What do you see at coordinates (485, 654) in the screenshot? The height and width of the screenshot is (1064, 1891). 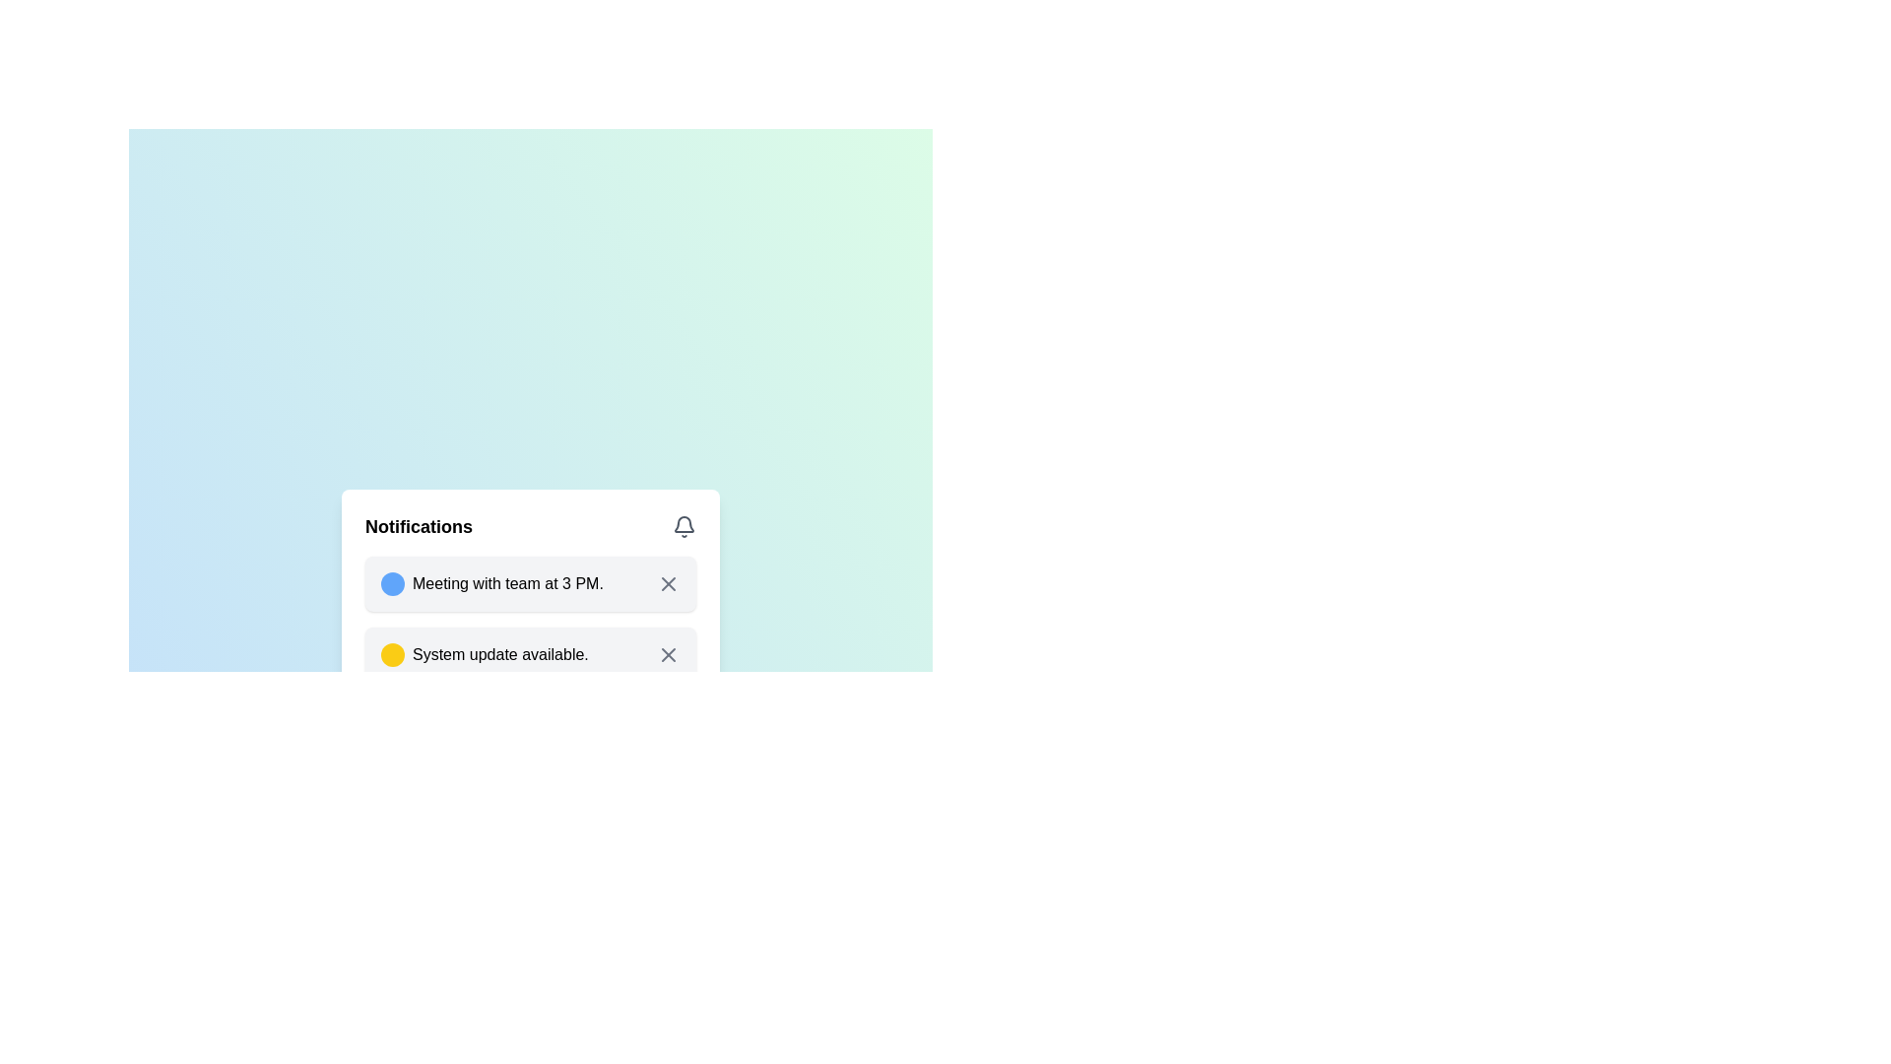 I see `the Notification item that states 'System update available.' and includes a yellow circular icon, which is the second item in the notification card` at bounding box center [485, 654].